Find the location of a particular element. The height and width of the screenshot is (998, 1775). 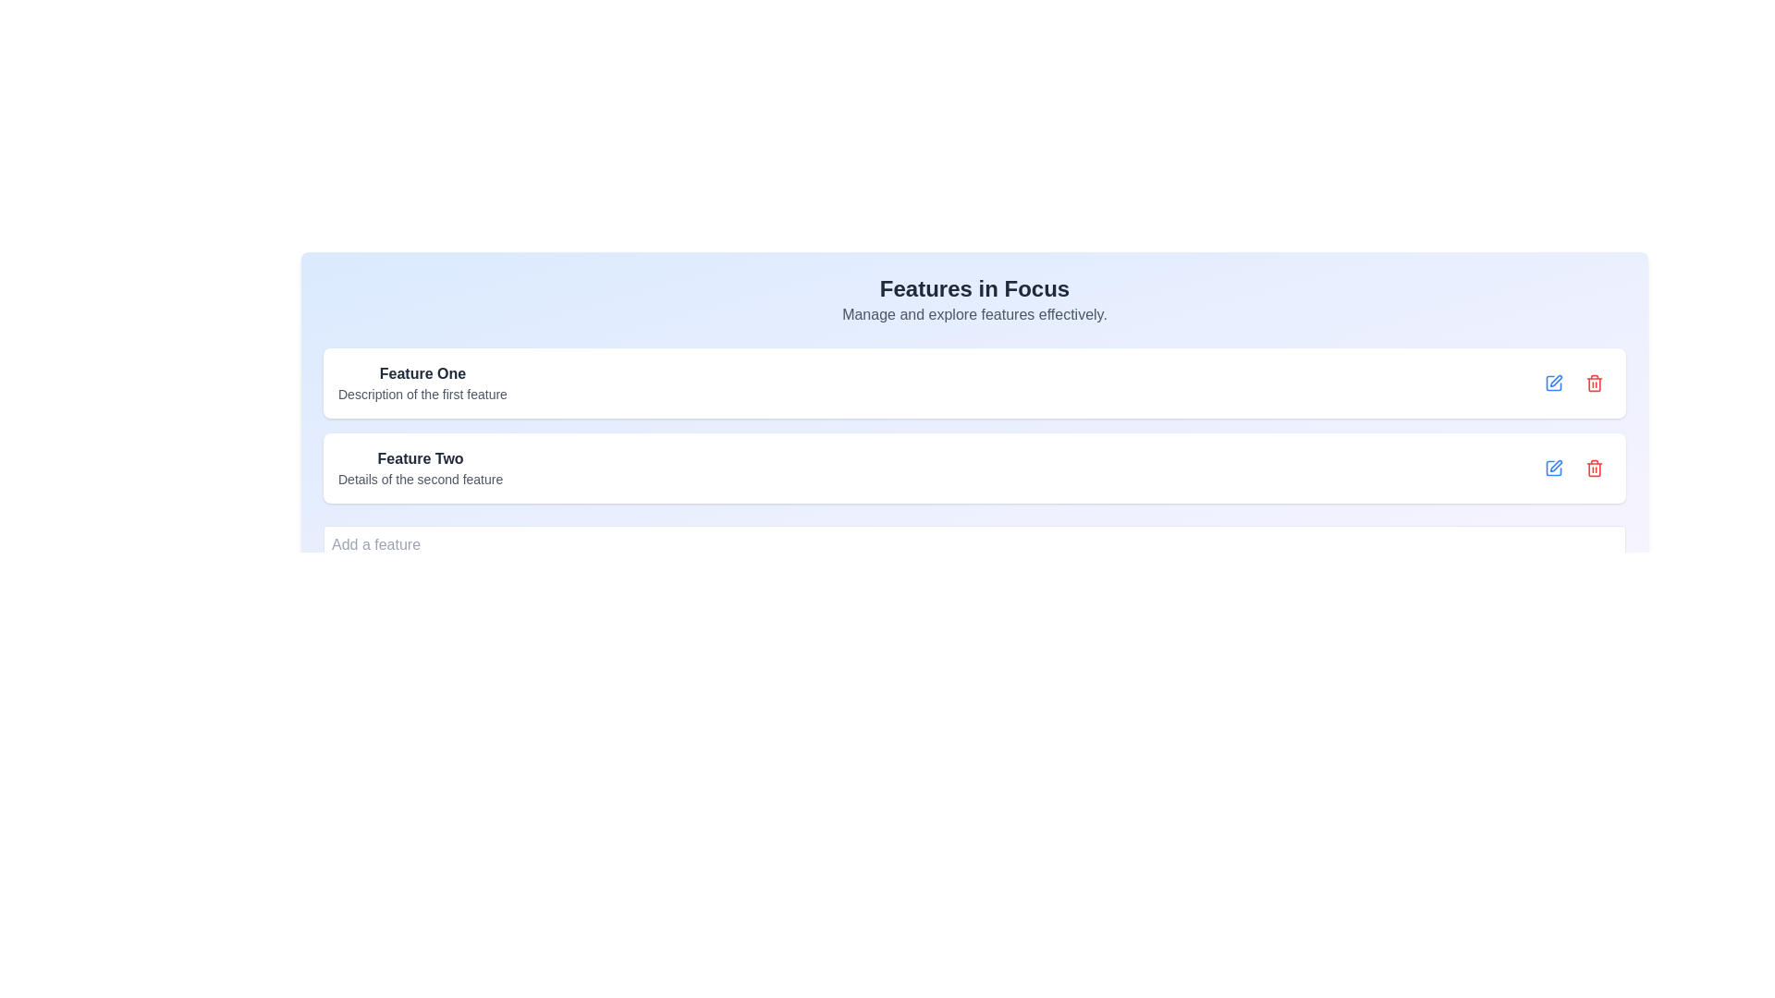

on the text block containing 'Feature Two' and its description is located at coordinates (420, 467).